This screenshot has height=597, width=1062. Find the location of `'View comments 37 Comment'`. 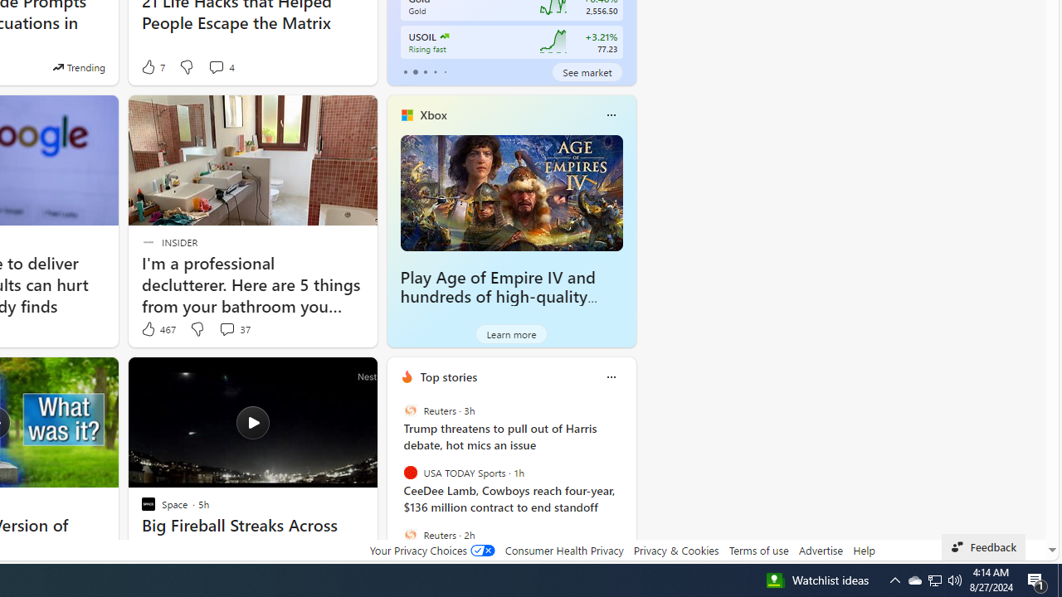

'View comments 37 Comment' is located at coordinates (233, 329).